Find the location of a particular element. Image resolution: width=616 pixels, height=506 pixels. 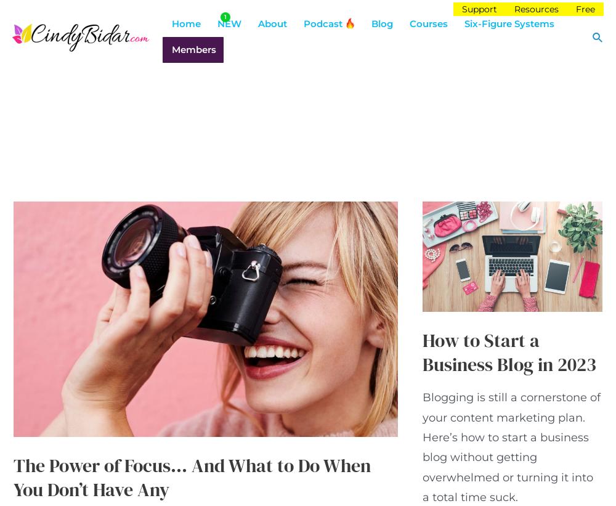

'Home' is located at coordinates (186, 23).